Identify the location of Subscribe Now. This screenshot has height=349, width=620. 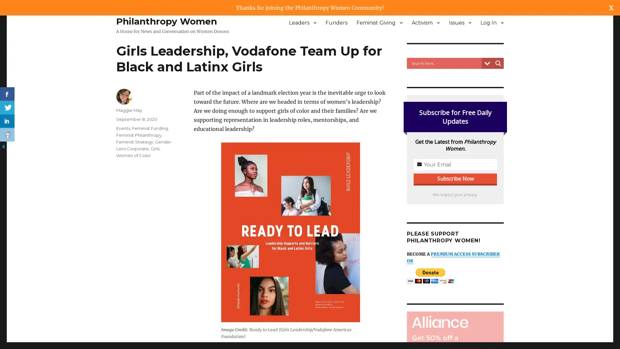
(455, 178).